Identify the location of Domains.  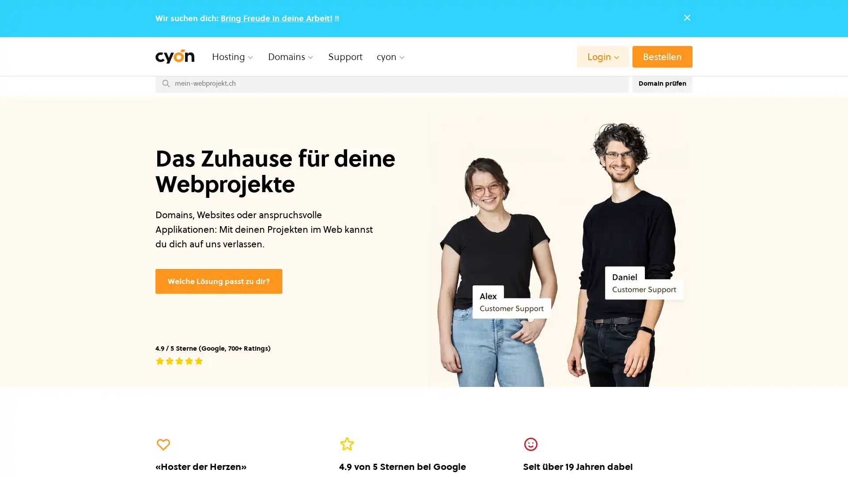
(291, 56).